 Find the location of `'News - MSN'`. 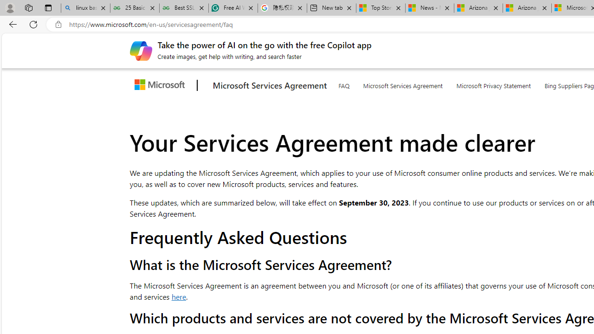

'News - MSN' is located at coordinates (429, 8).